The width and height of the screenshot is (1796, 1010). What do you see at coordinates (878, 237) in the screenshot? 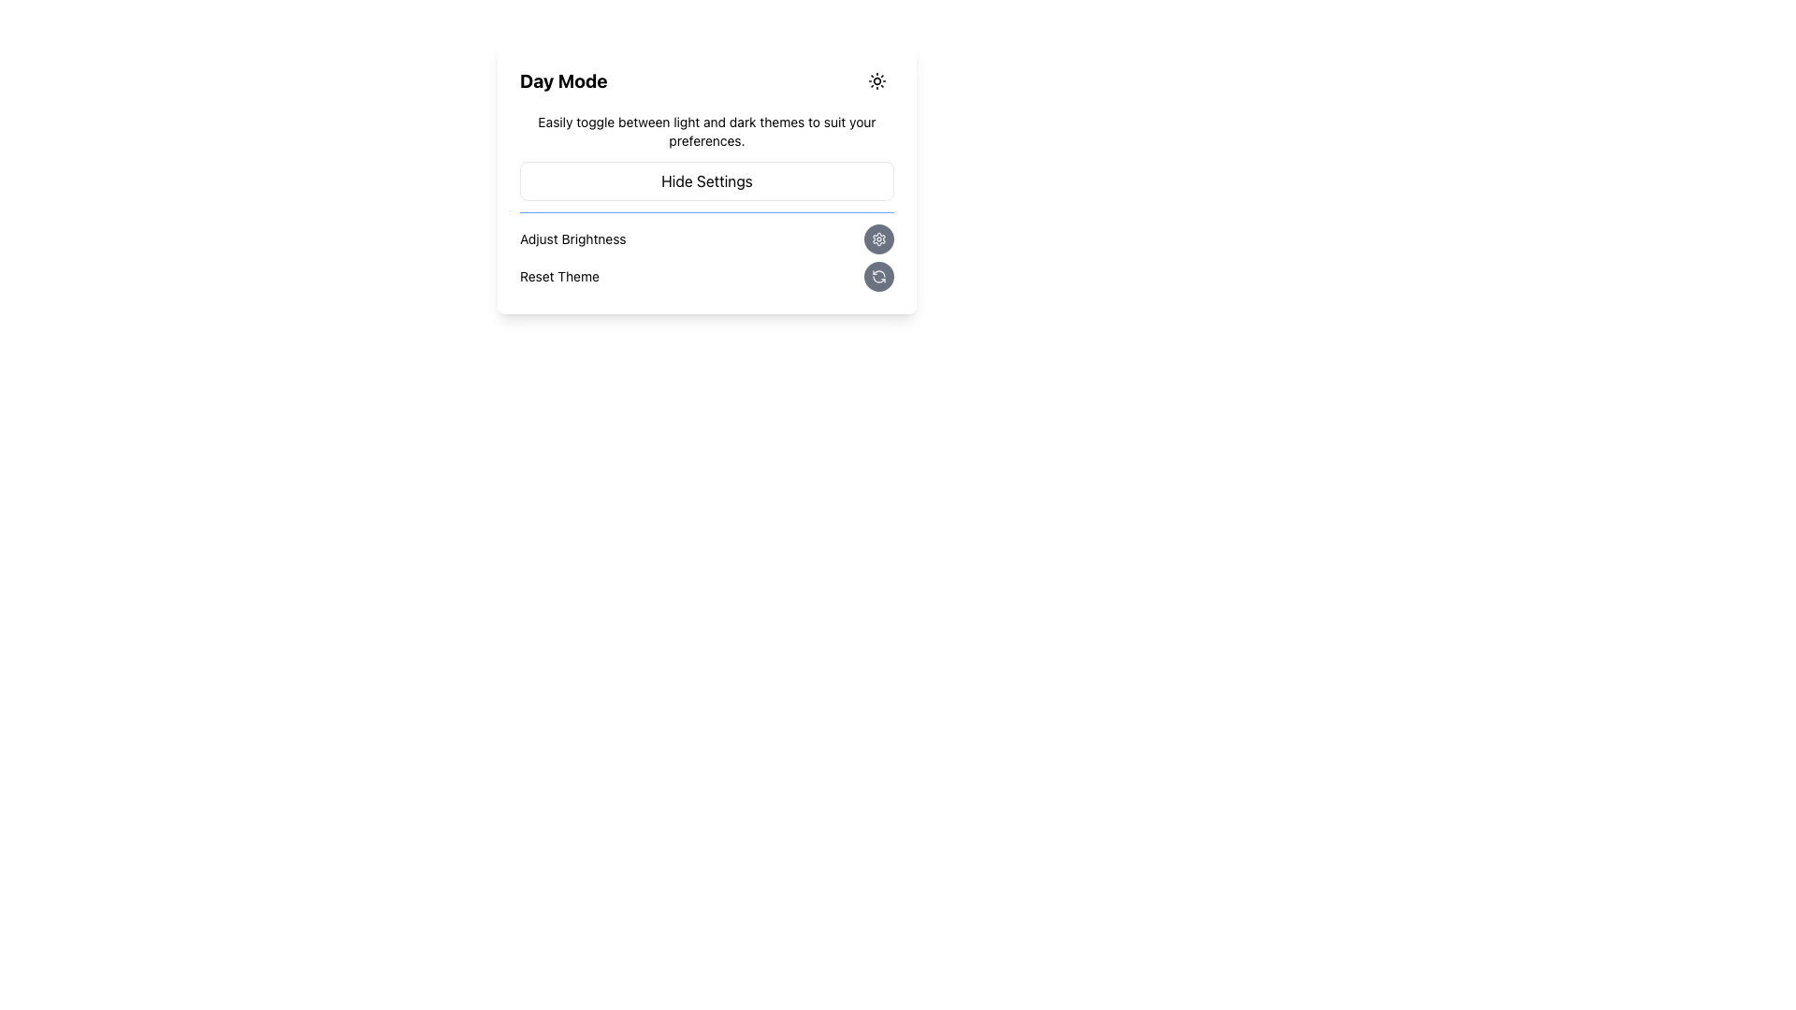
I see `the settings icon located in the top-right corner of the 'Day Mode' segment` at bounding box center [878, 237].